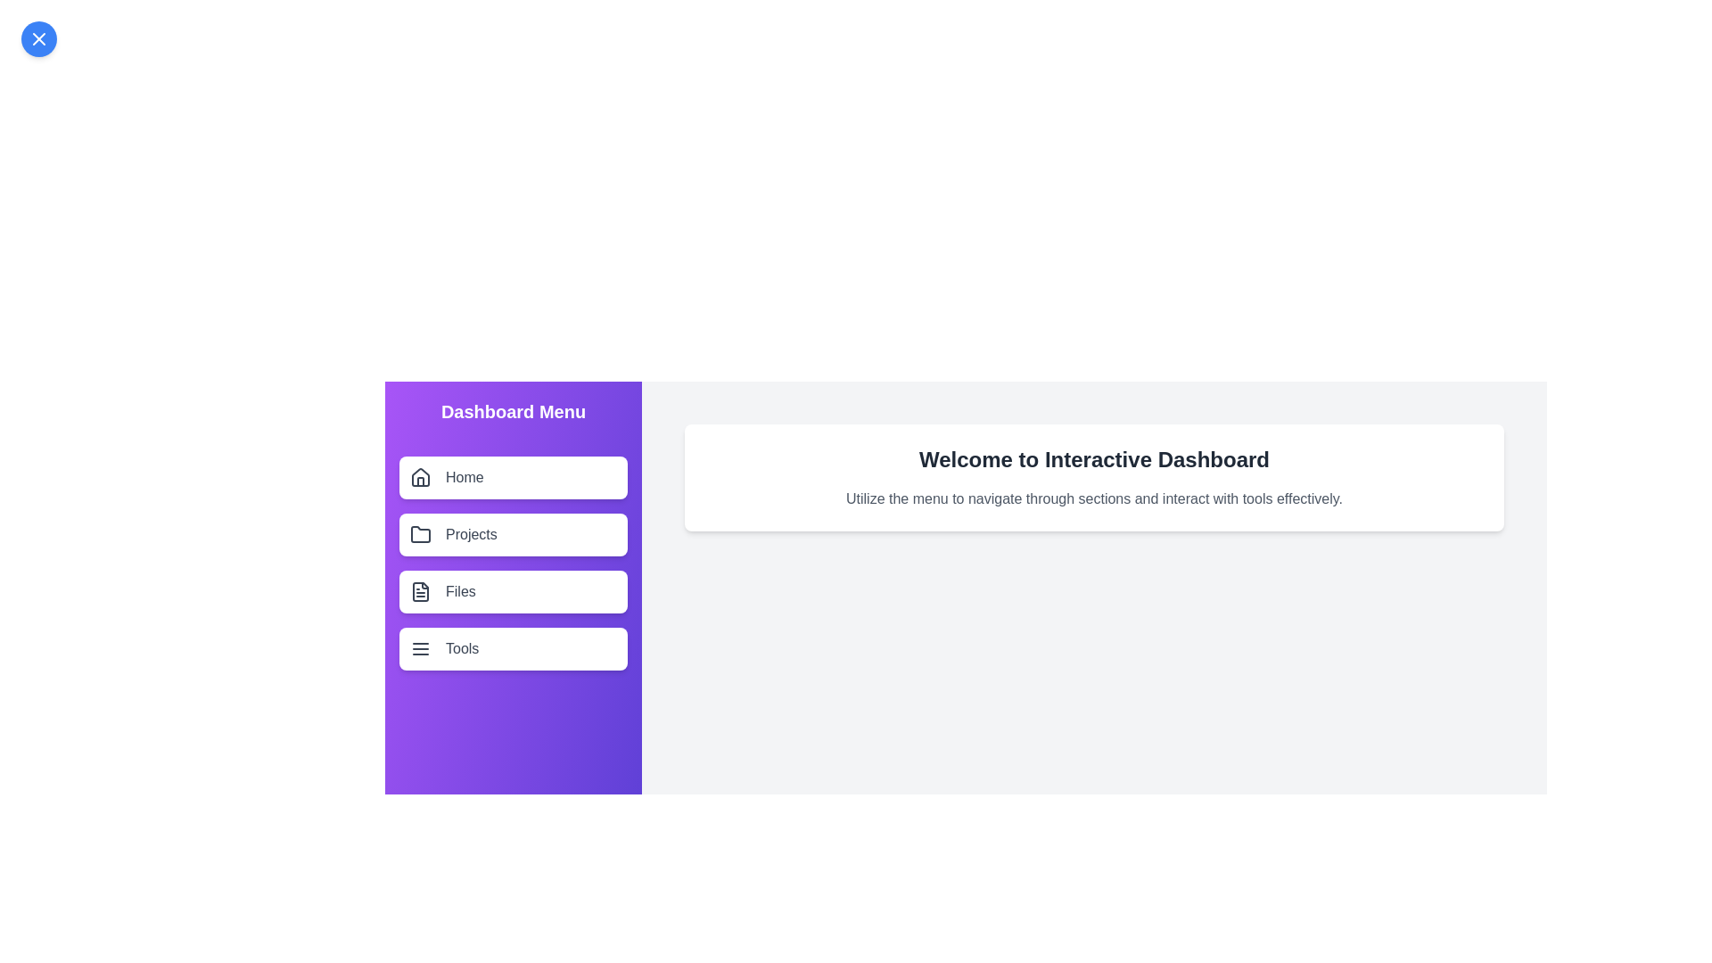 Image resolution: width=1712 pixels, height=963 pixels. Describe the element at coordinates (513, 649) in the screenshot. I see `the menu item labeled 'Tools' to observe visual feedback` at that location.